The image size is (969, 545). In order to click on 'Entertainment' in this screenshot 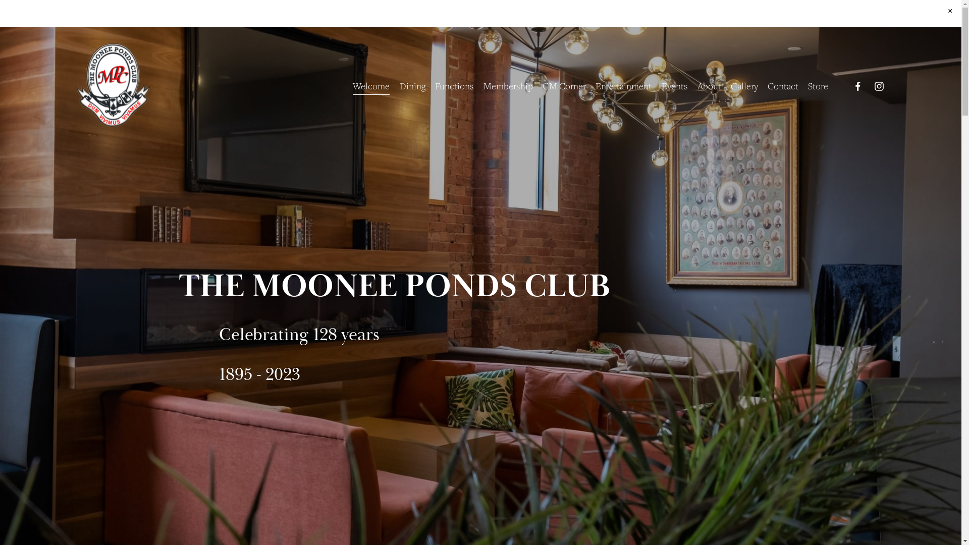, I will do `click(596, 85)`.